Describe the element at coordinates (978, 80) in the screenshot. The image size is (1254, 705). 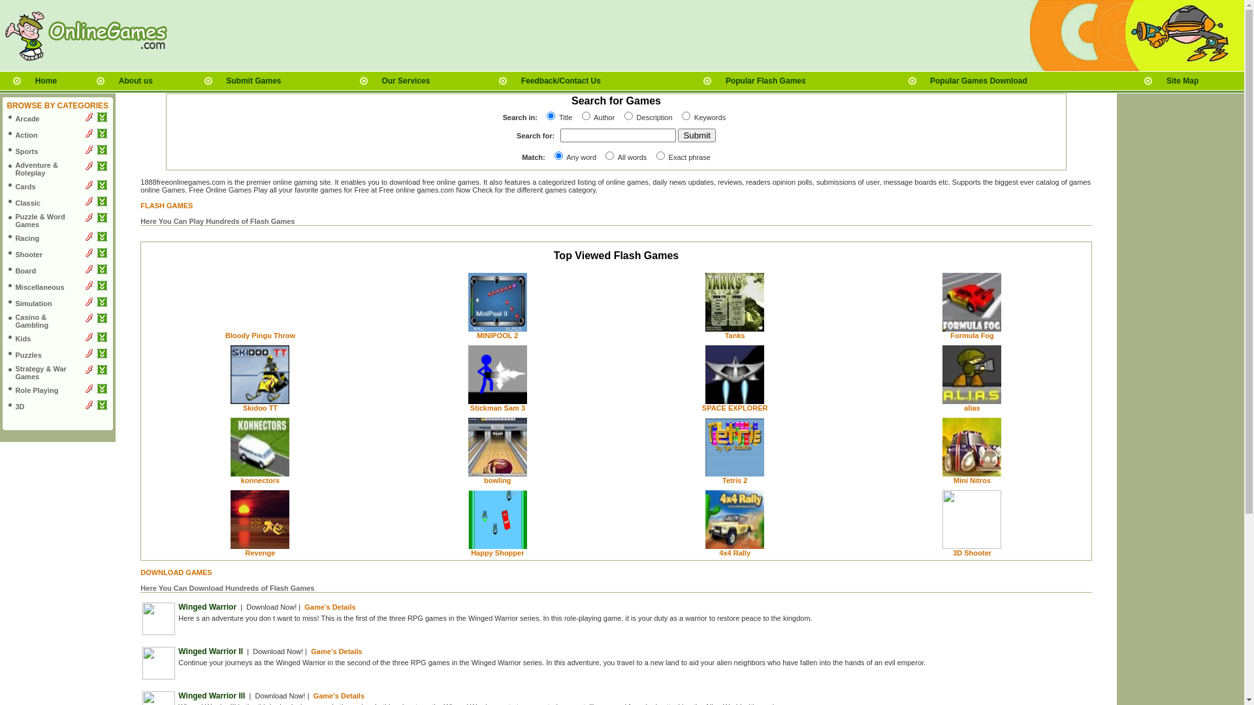
I see `'Popular Games Download'` at that location.